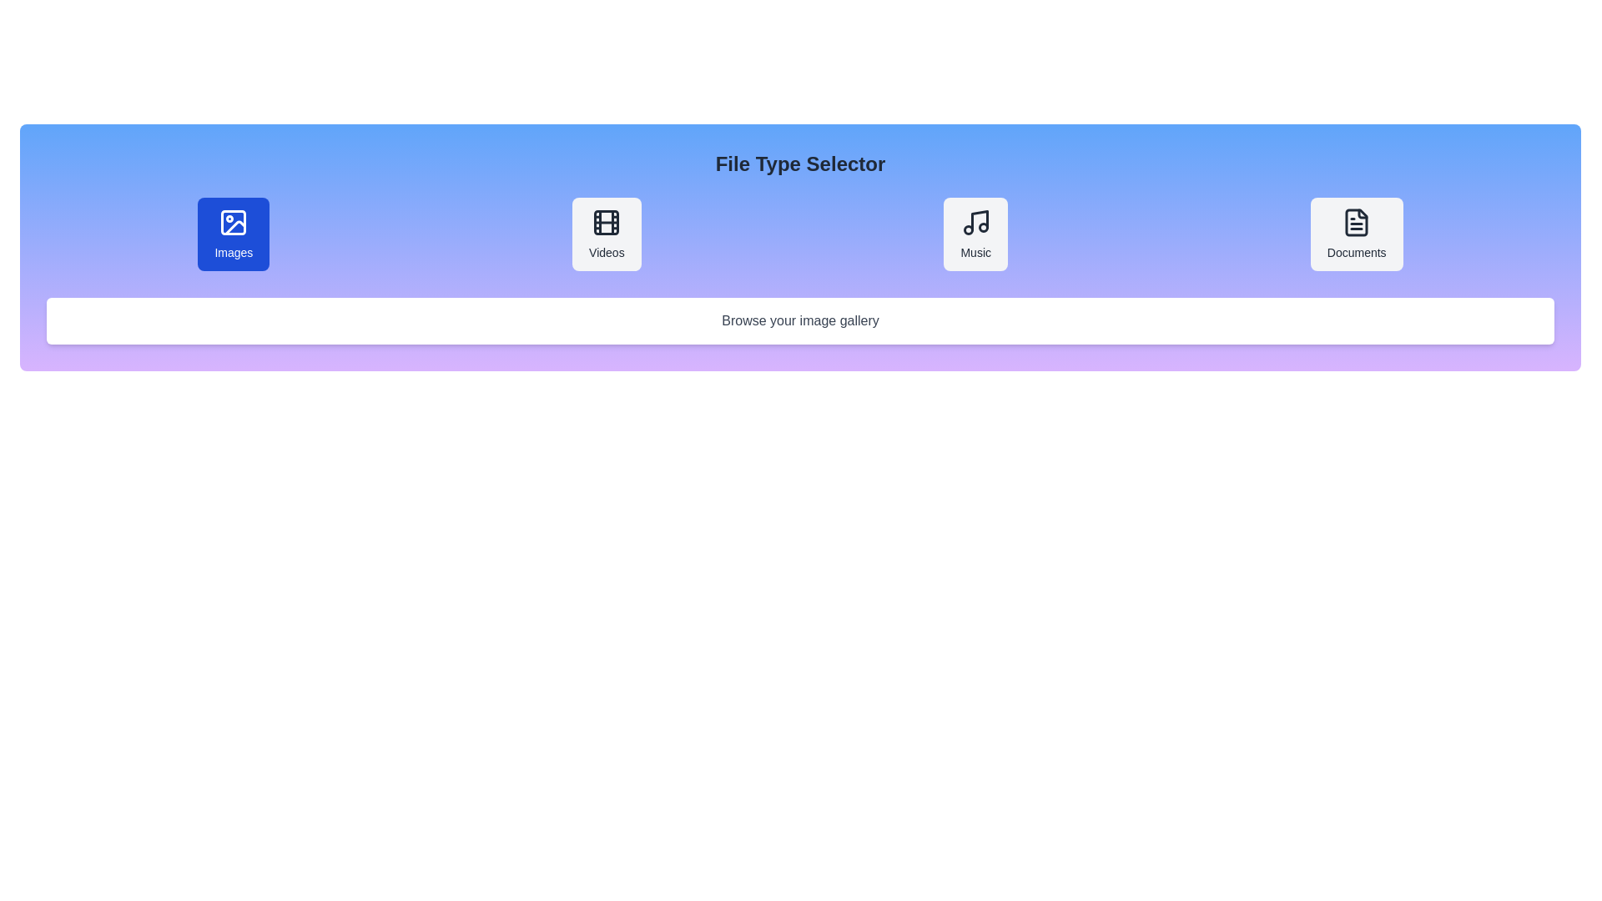 Image resolution: width=1602 pixels, height=901 pixels. Describe the element at coordinates (232, 234) in the screenshot. I see `the file type Images to display its description` at that location.